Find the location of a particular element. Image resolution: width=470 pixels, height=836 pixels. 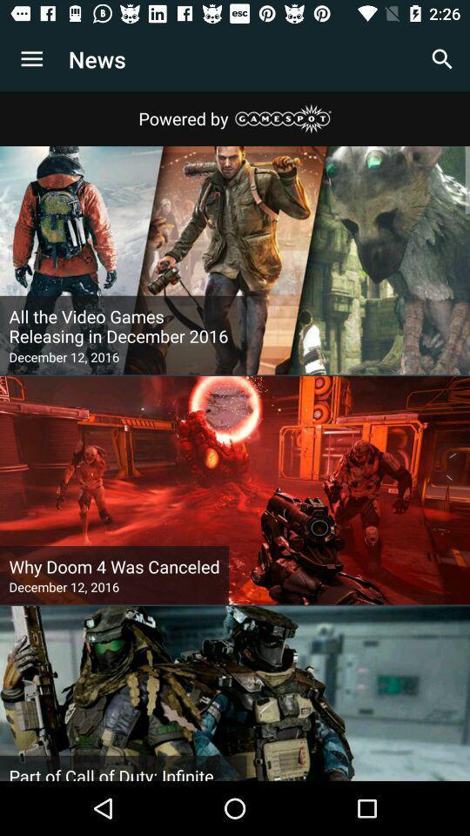

the why doom 4 icon is located at coordinates (114, 565).